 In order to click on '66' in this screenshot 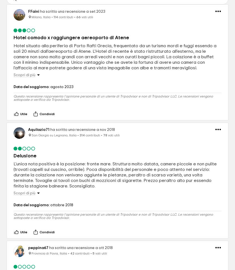, I will do `click(78, 17)`.